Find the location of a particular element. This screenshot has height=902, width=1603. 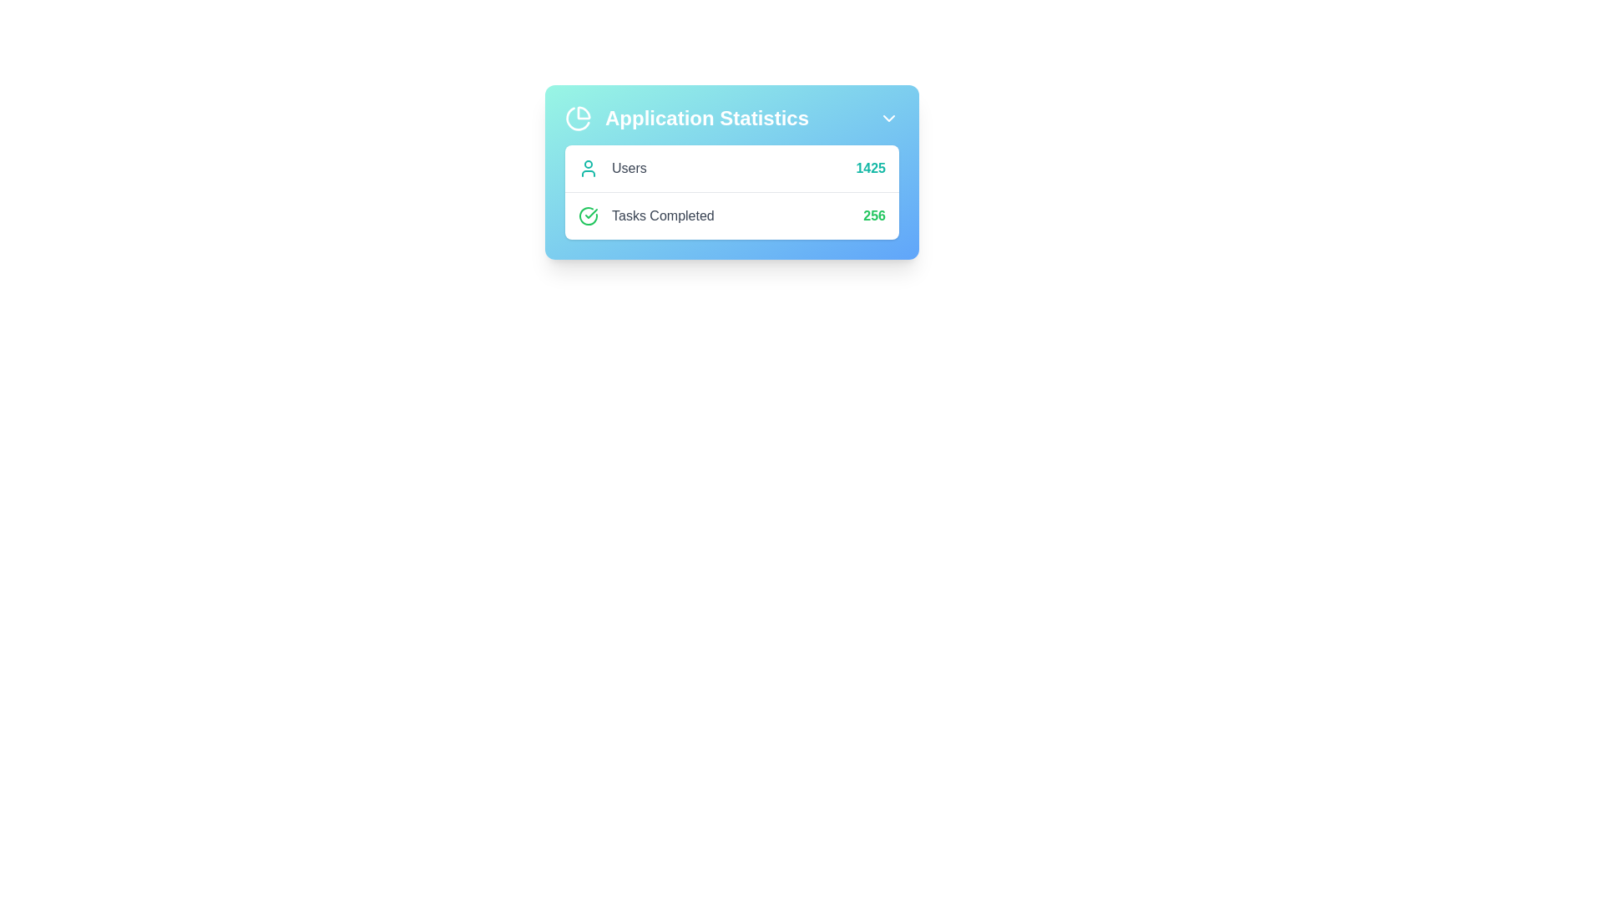

the 'Users' text label in the 'Application Statistics' panel, which indicates the category of displayed data and is positioned next to a user profile icon is located at coordinates (628, 168).